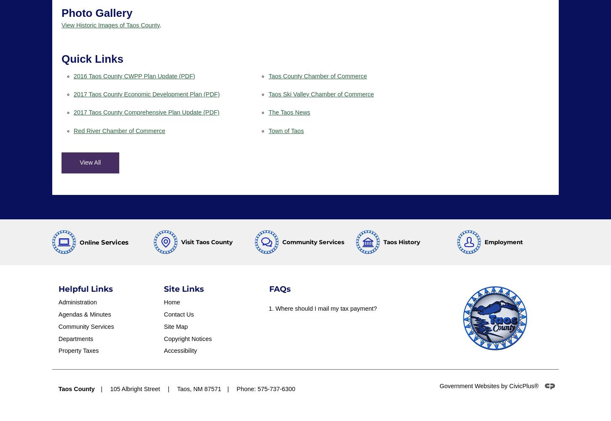  I want to click on 'Town of Taos', so click(268, 131).